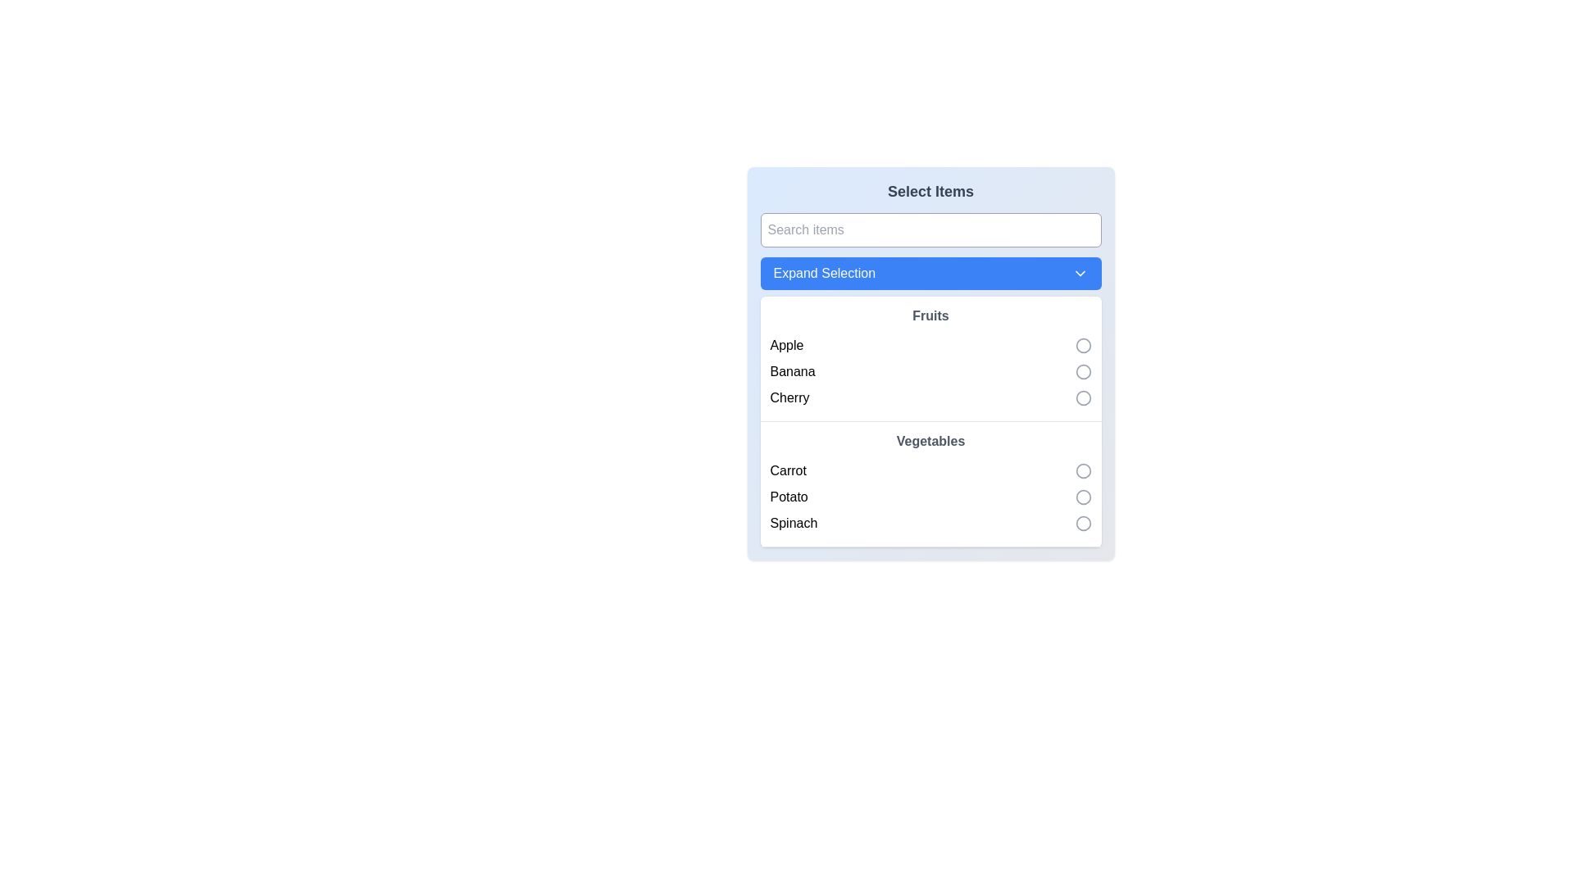 The height and width of the screenshot is (885, 1574). What do you see at coordinates (1083, 496) in the screenshot?
I see `the 'Potato' radio button indicator` at bounding box center [1083, 496].